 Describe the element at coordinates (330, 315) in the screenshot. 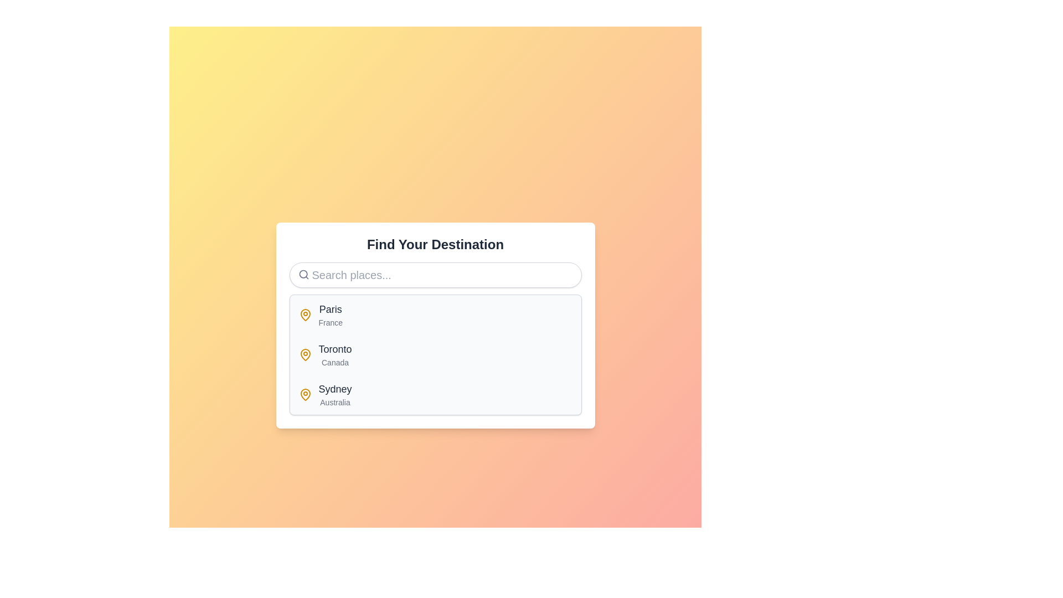

I see `the label displaying 'Paris' and 'France'` at that location.